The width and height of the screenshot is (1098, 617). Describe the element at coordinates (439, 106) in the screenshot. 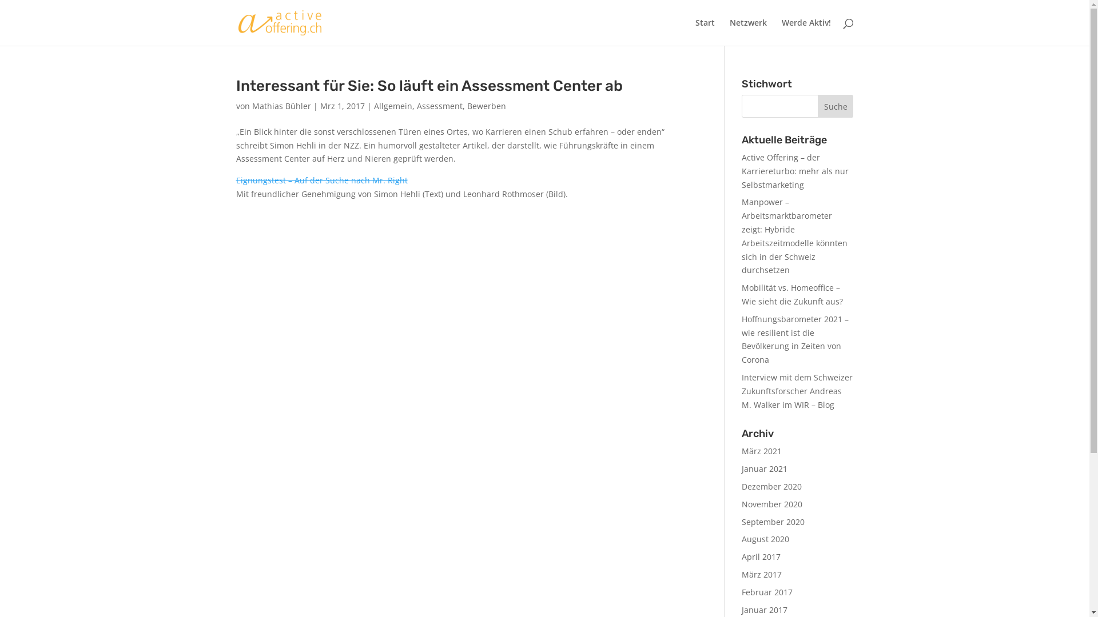

I see `'Assessment'` at that location.